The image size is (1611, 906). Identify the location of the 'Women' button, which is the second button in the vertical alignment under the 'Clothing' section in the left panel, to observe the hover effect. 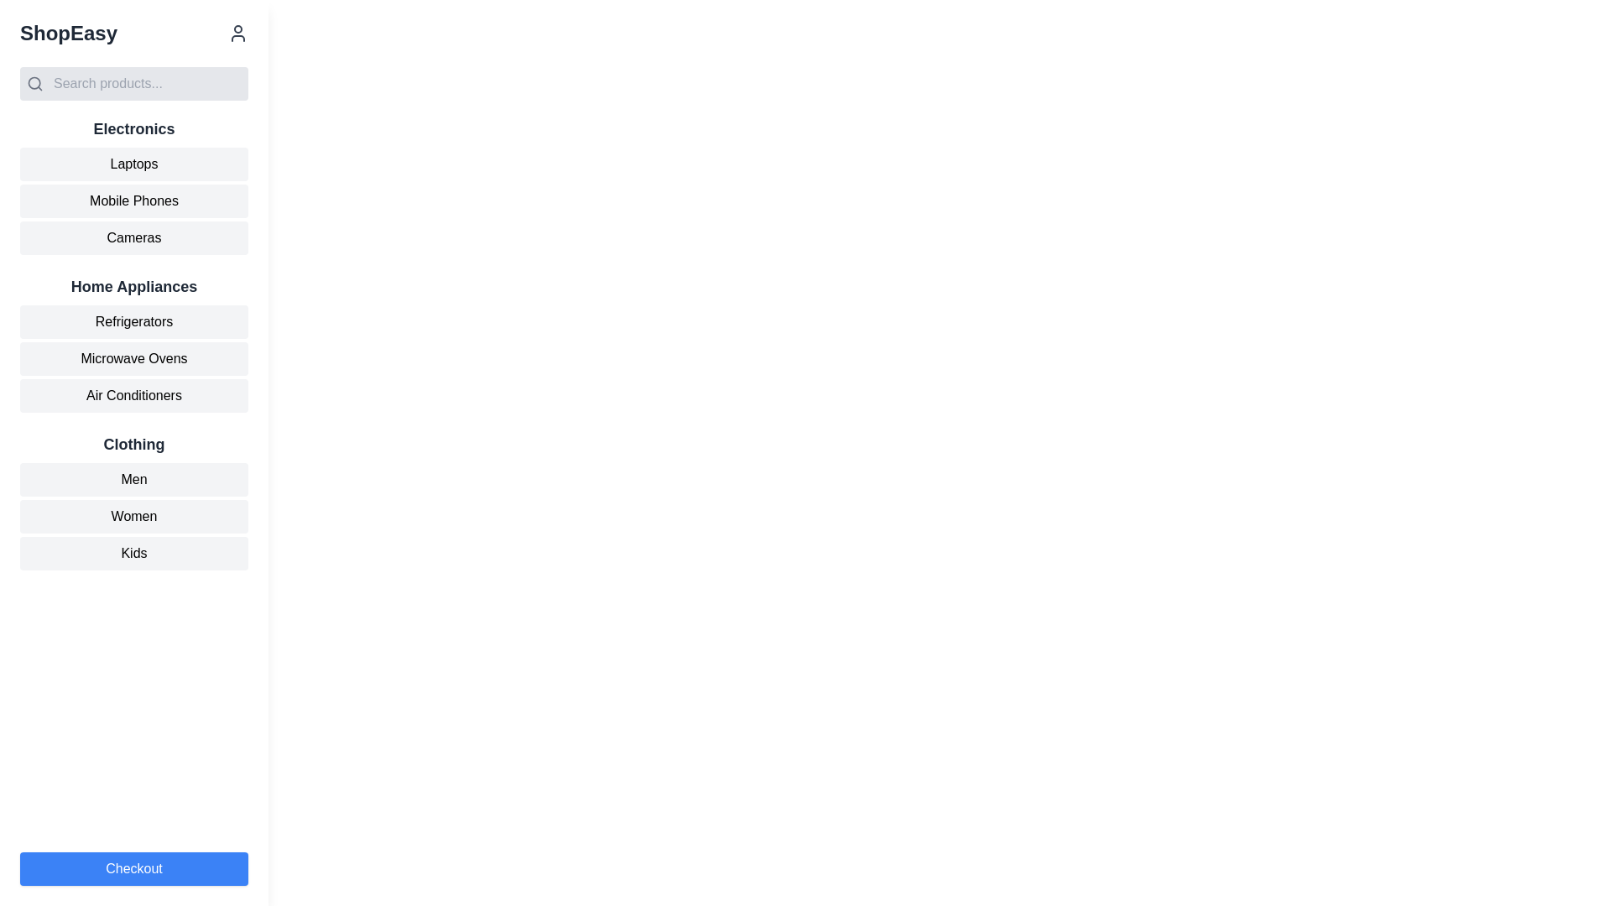
(133, 516).